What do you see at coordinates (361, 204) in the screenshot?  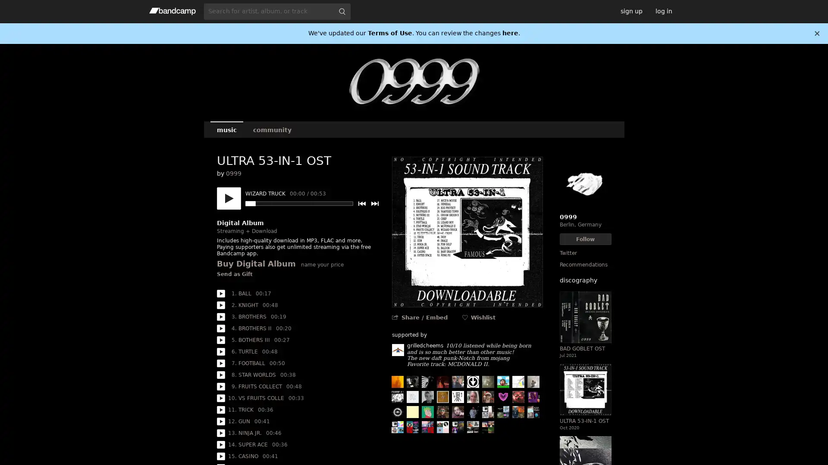 I see `Previous track` at bounding box center [361, 204].